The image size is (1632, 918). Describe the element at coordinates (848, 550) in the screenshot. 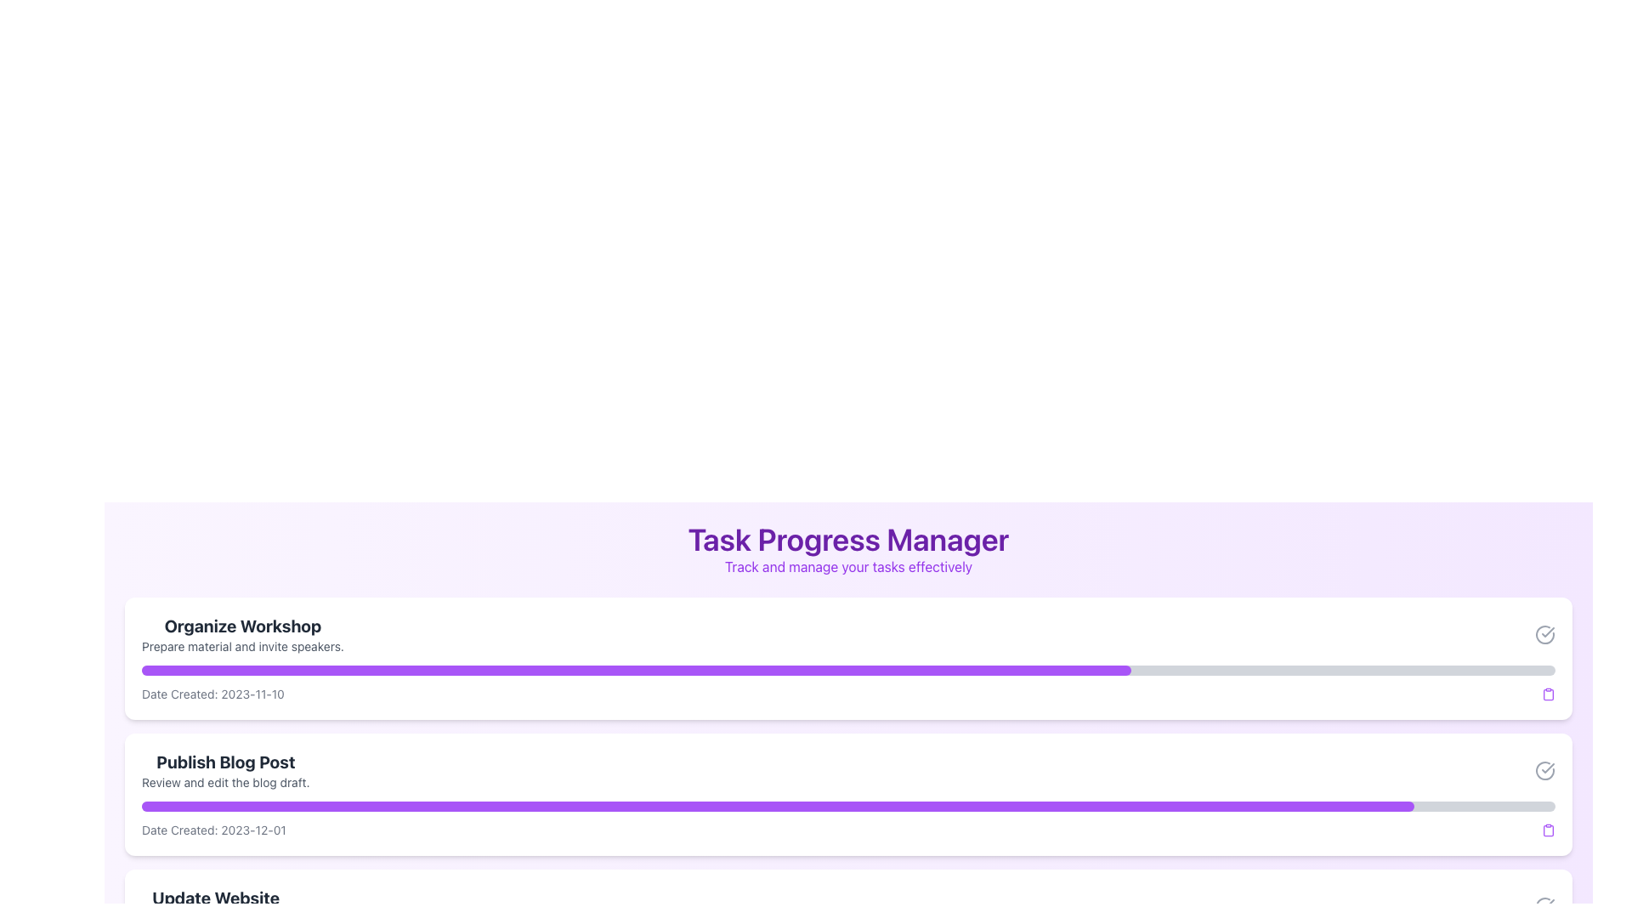

I see `information displayed in the 'Task Progress Manager' text header, which includes the title and subtitle in bold and smaller purple text, respectively` at that location.